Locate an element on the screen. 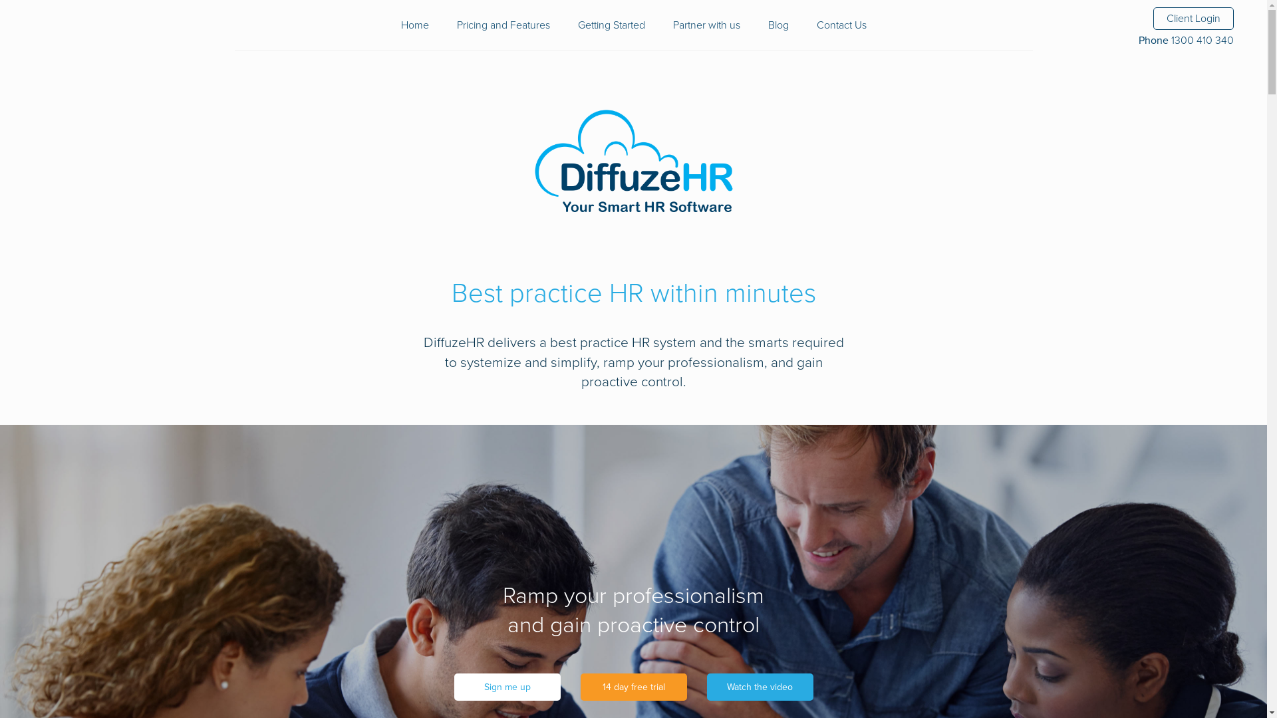  'Blog' is located at coordinates (778, 25).